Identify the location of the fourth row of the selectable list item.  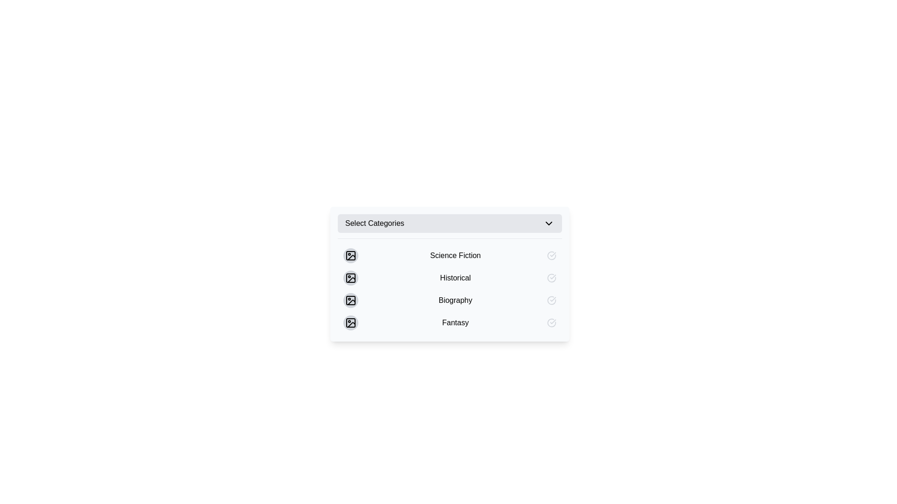
(450, 322).